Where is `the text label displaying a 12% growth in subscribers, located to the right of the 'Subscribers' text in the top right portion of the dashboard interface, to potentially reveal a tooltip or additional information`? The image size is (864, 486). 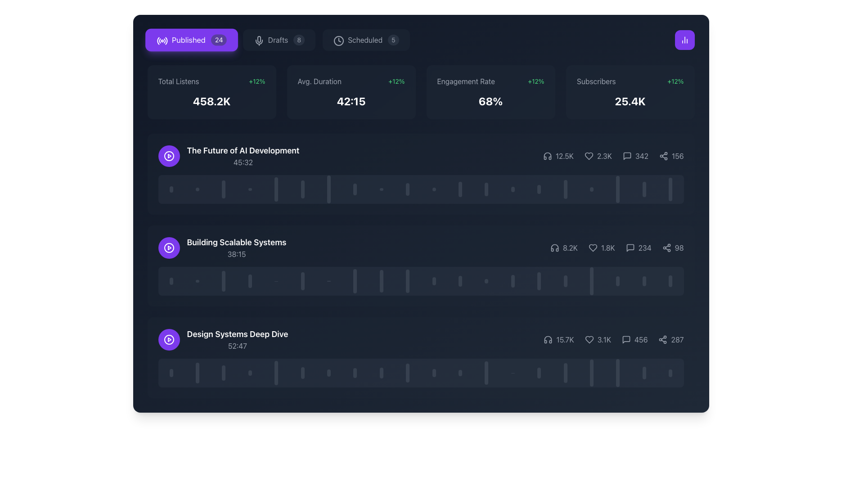 the text label displaying a 12% growth in subscribers, located to the right of the 'Subscribers' text in the top right portion of the dashboard interface, to potentially reveal a tooltip or additional information is located at coordinates (675, 81).